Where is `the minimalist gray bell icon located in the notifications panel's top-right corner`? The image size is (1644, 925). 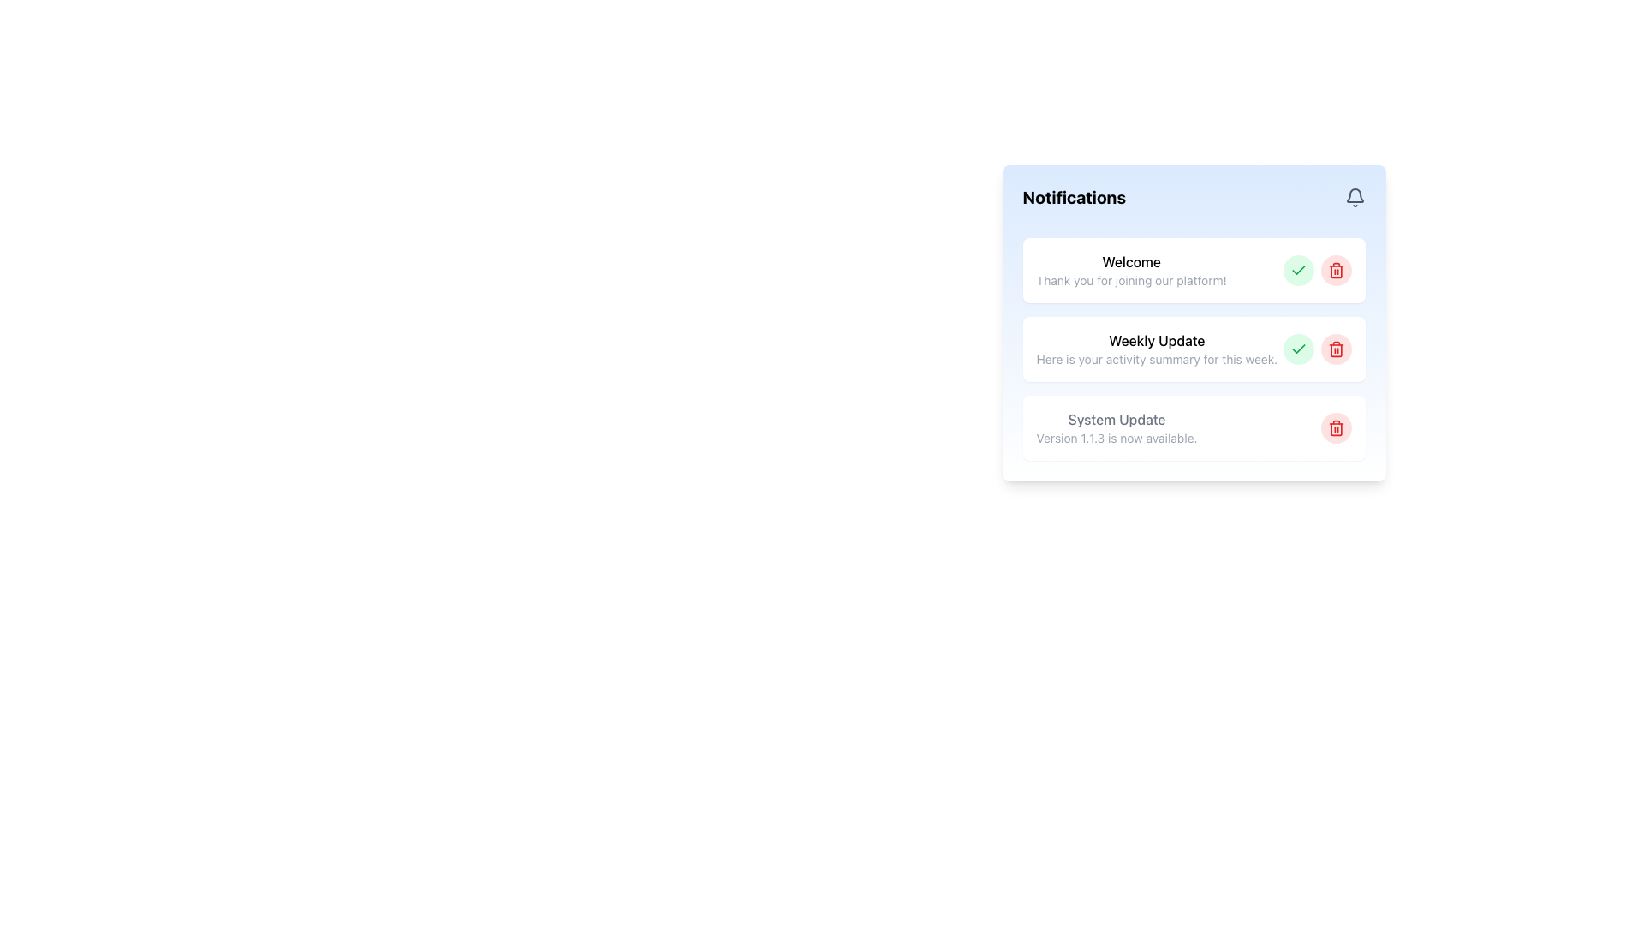 the minimalist gray bell icon located in the notifications panel's top-right corner is located at coordinates (1354, 194).